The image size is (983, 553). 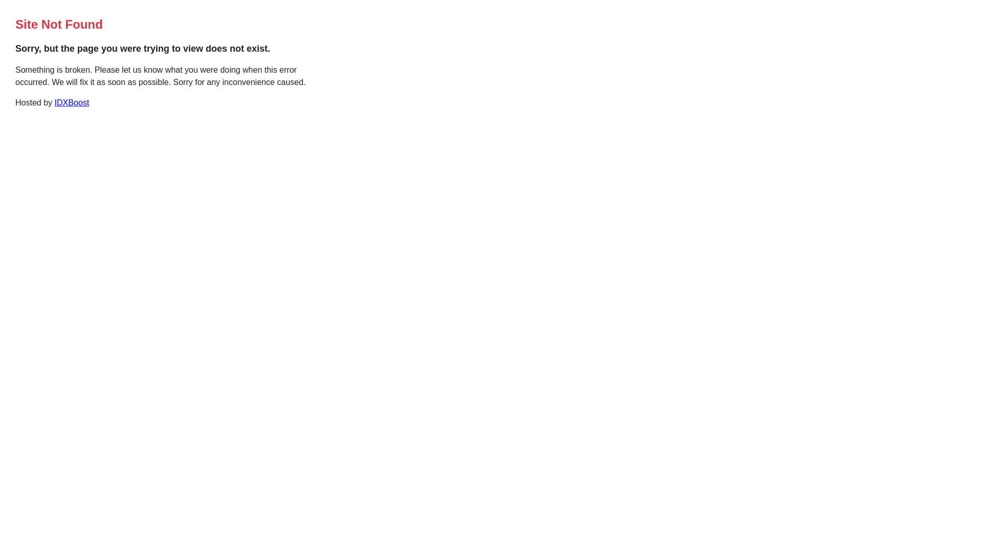 I want to click on 'IDXBoost', so click(x=53, y=102).